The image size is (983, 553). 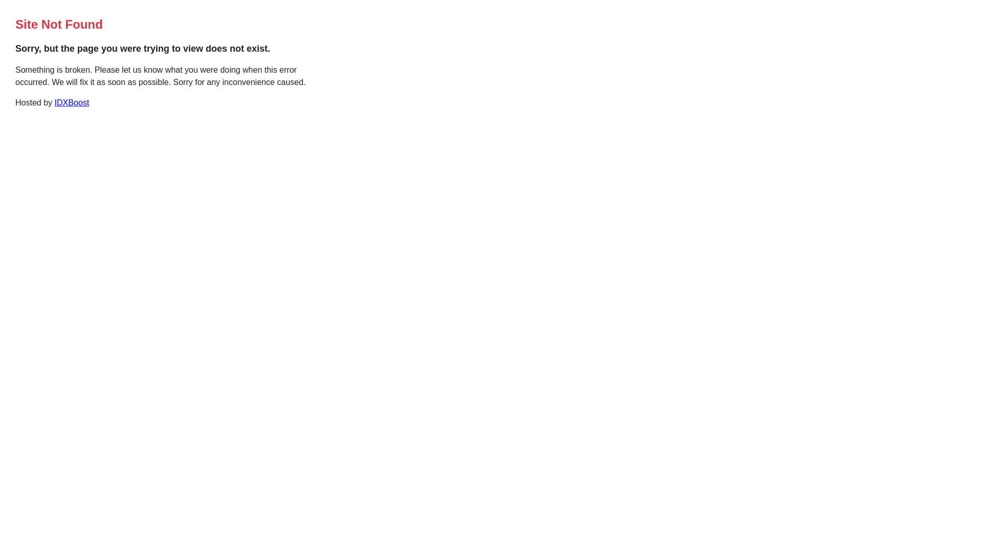 I want to click on 'IDXBoost', so click(x=53, y=102).